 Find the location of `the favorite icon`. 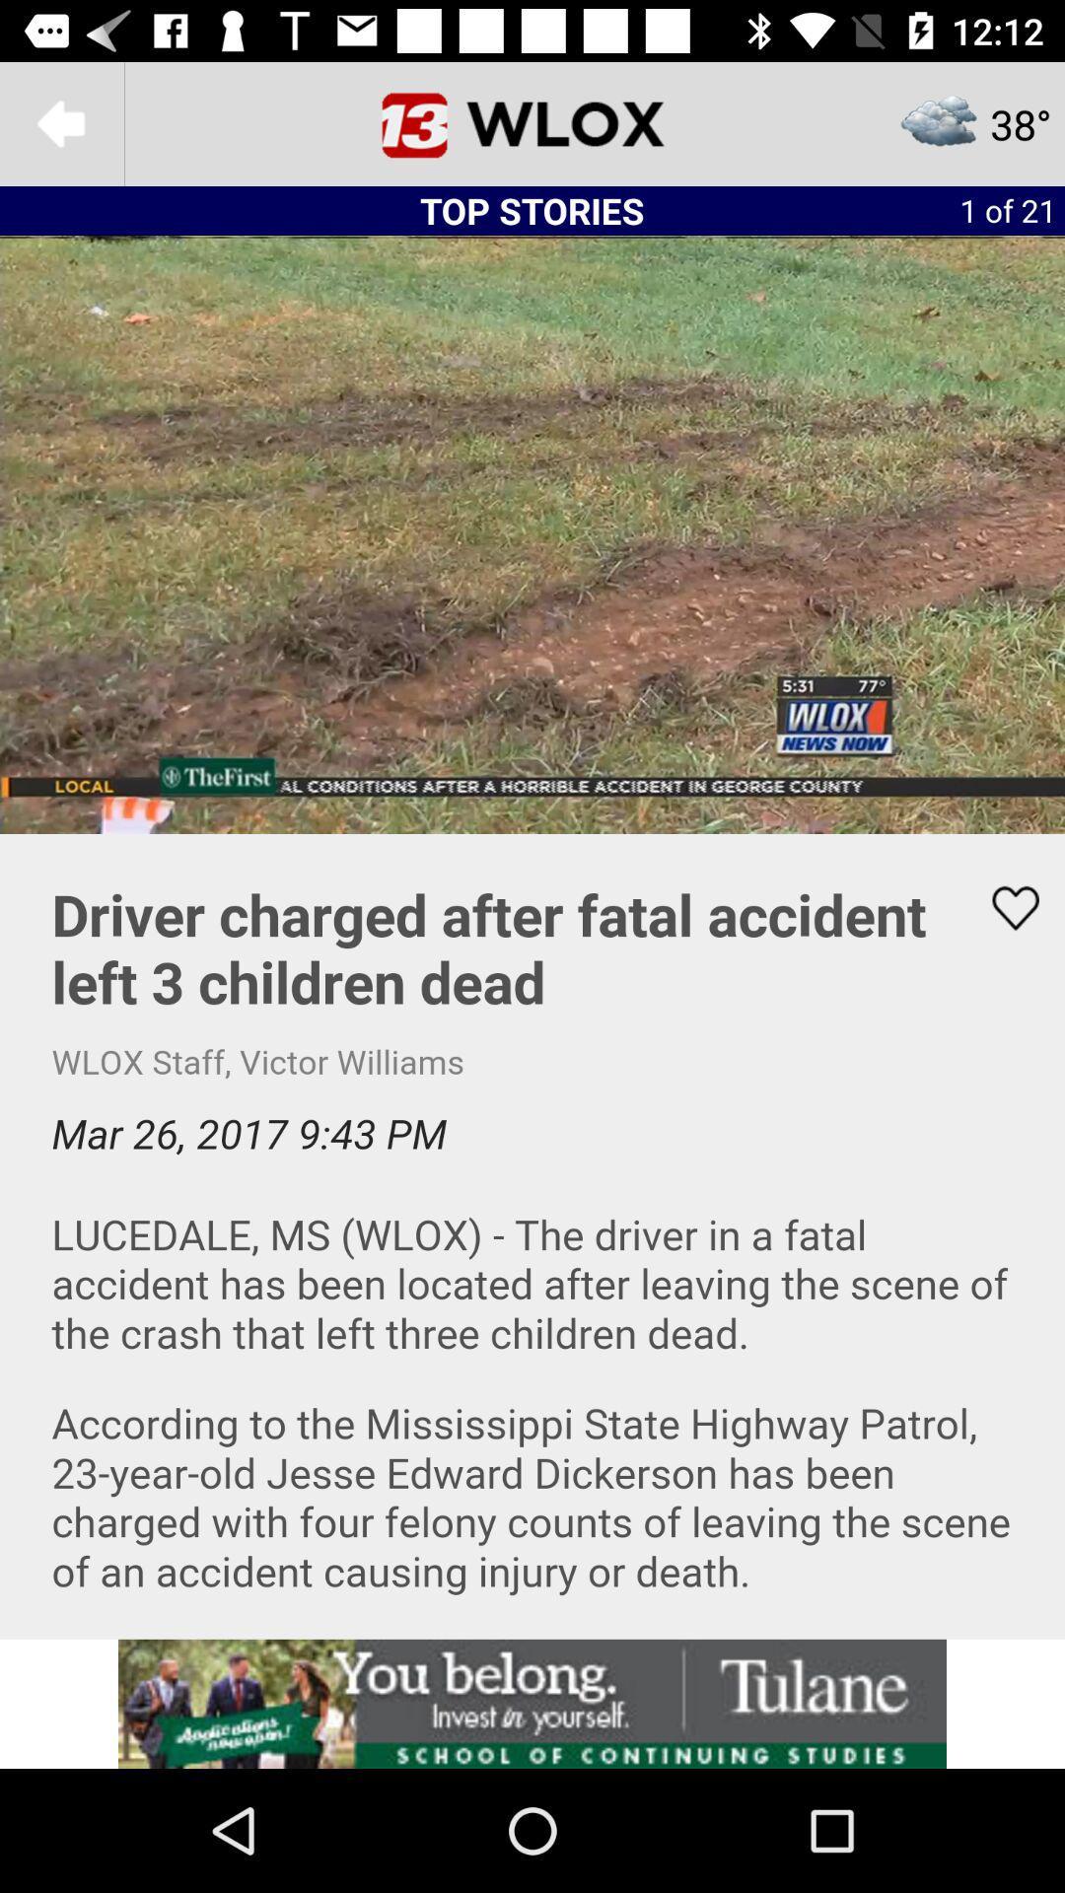

the favorite icon is located at coordinates (1003, 907).